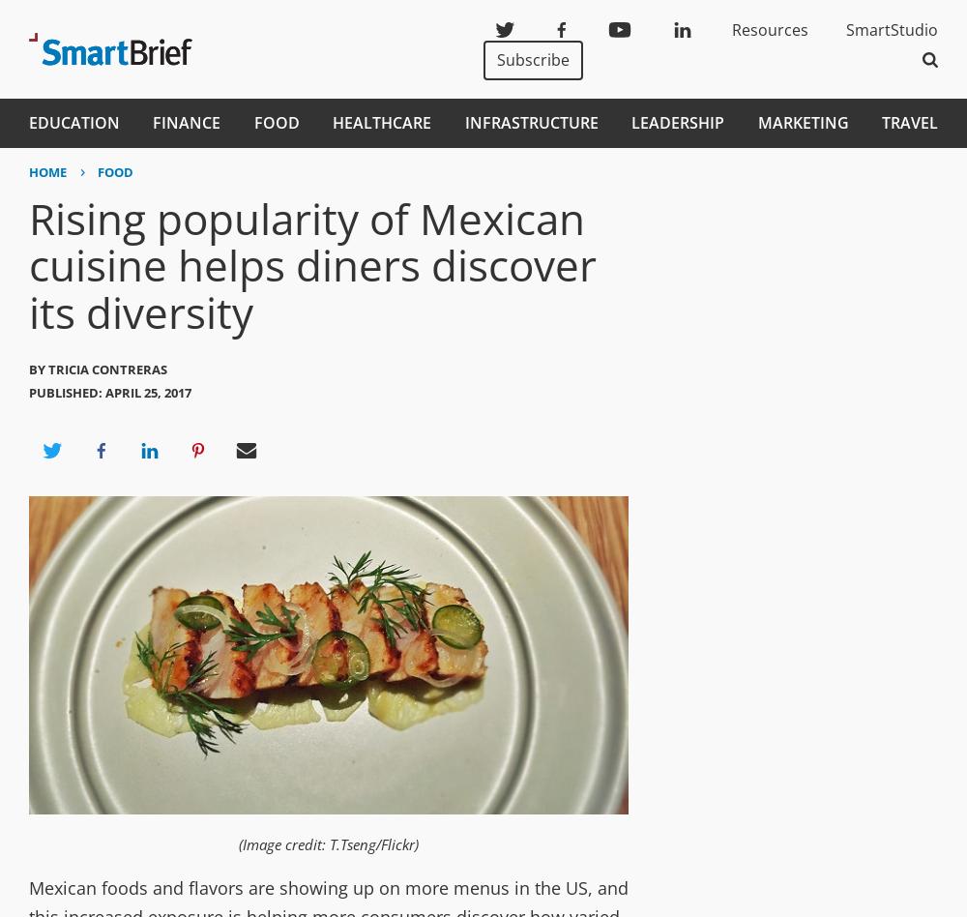 This screenshot has height=917, width=967. Describe the element at coordinates (38, 369) in the screenshot. I see `'By'` at that location.